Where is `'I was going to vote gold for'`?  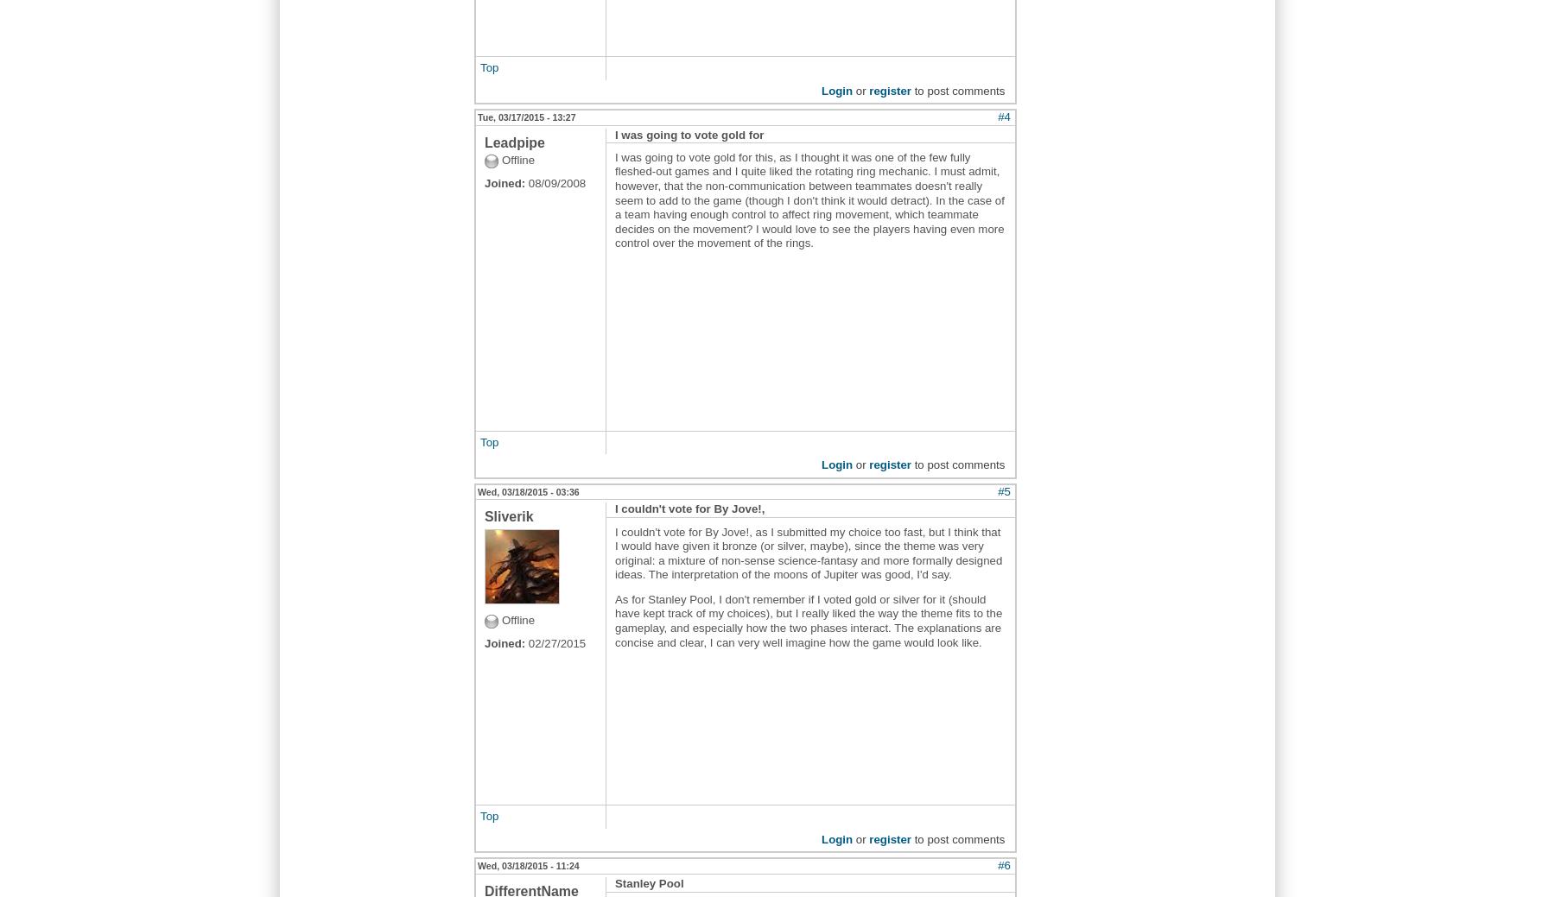 'I was going to vote gold for' is located at coordinates (614, 133).